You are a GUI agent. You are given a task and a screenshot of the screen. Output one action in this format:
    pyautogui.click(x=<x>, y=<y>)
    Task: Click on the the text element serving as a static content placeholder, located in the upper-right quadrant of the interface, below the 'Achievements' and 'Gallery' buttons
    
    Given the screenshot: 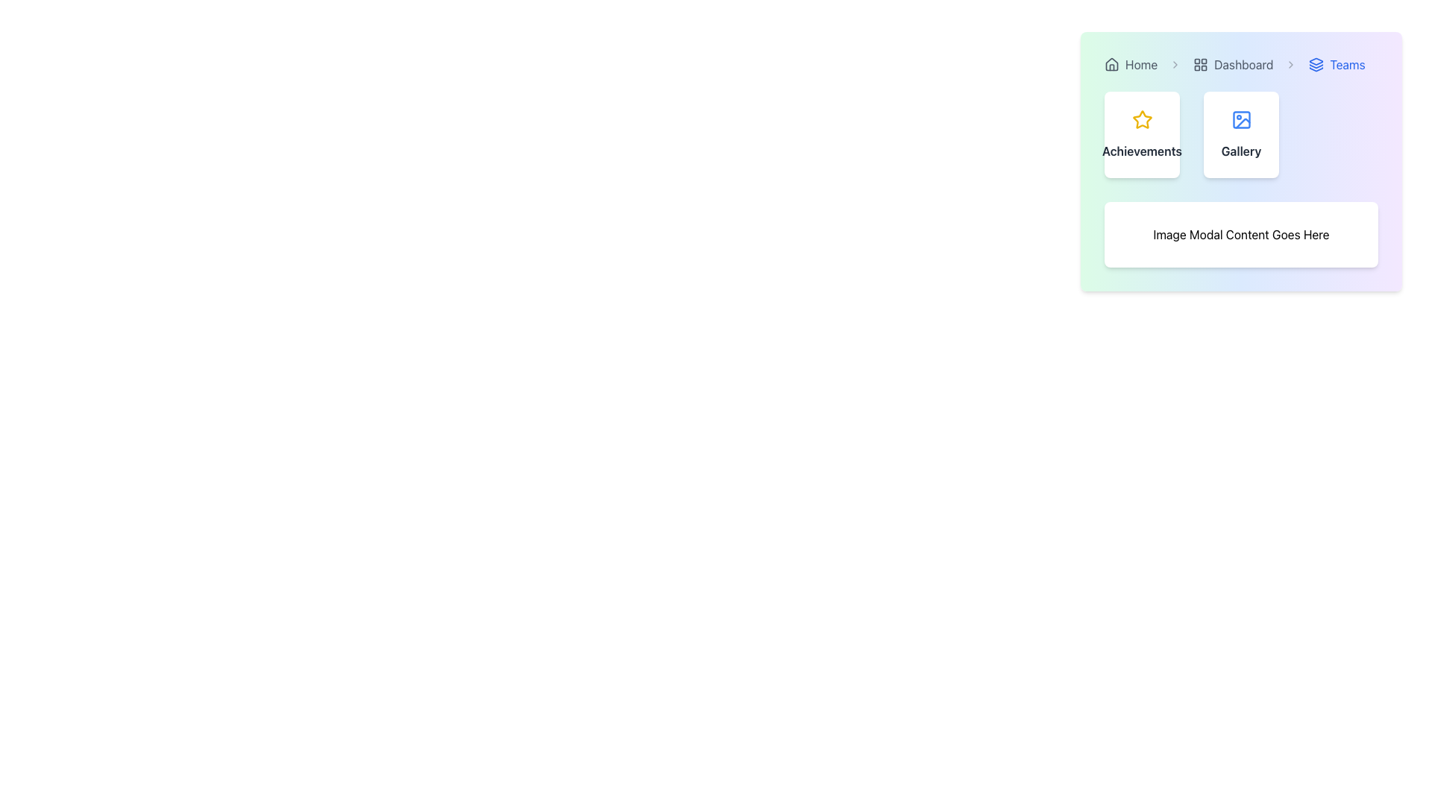 What is the action you would take?
    pyautogui.click(x=1241, y=235)
    